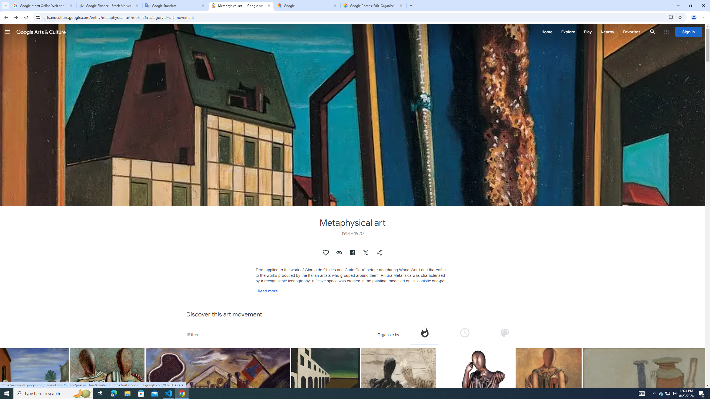  Describe the element at coordinates (37, 17) in the screenshot. I see `'View site information'` at that location.